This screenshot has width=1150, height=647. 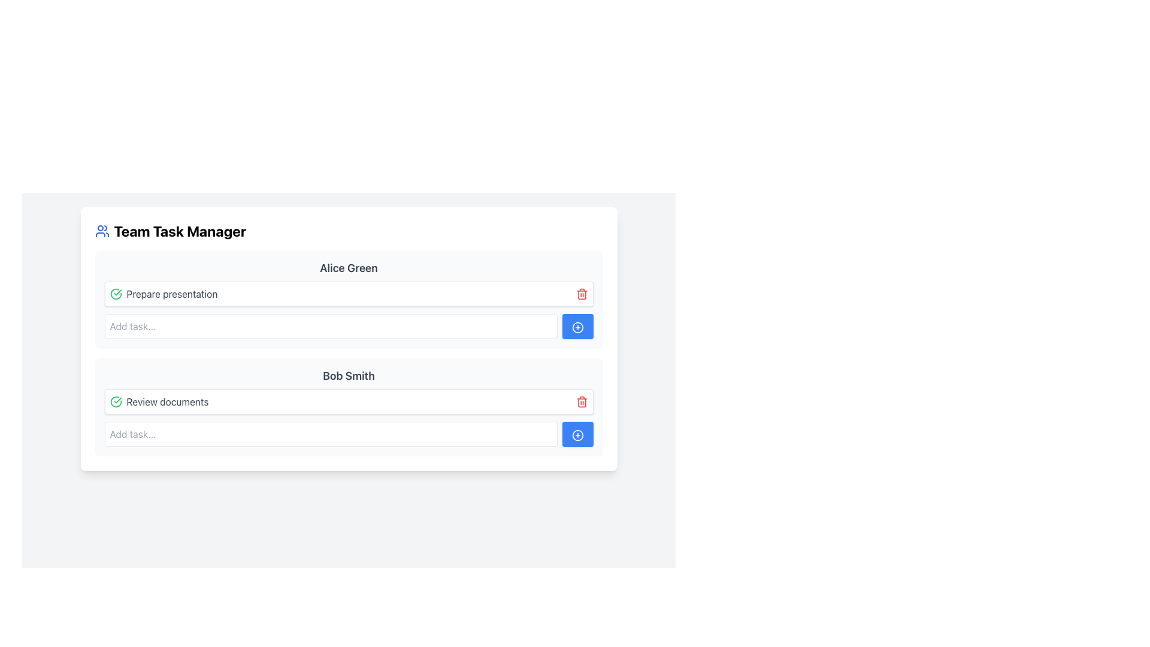 I want to click on the circular button with a blue border and a white '+' symbol located in the bottom-right corner of the 'Add task...' input field in the 'Bob Smith' section, so click(x=577, y=435).